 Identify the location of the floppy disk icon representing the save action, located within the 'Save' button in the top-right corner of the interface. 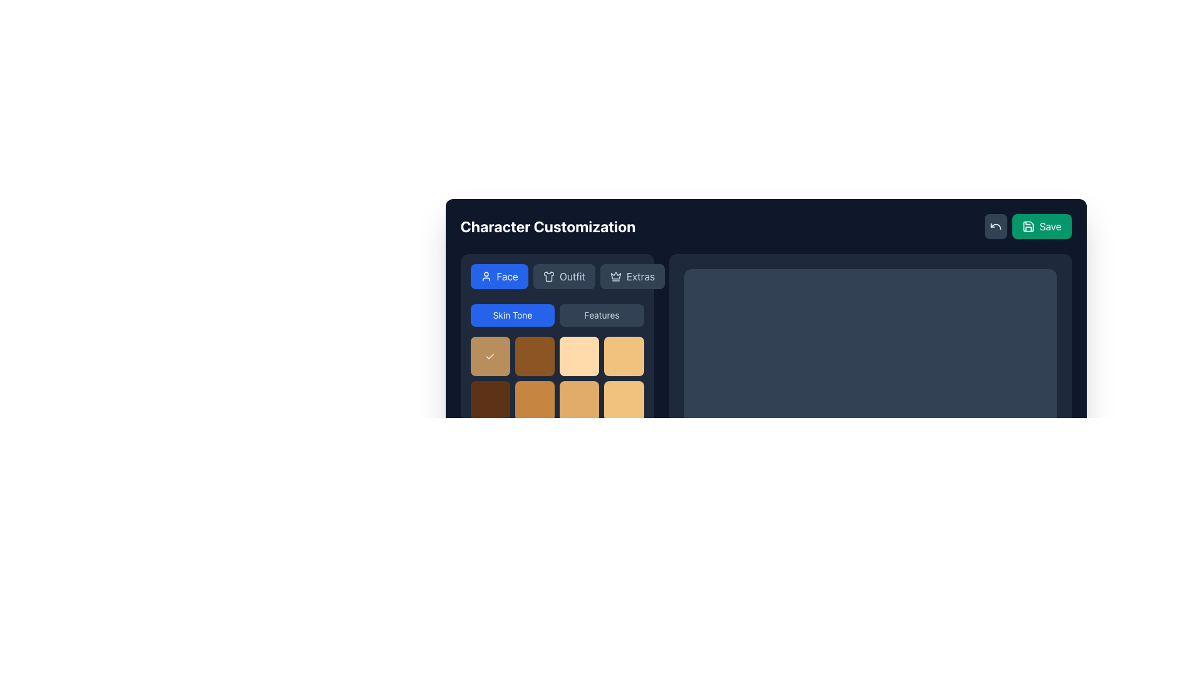
(1028, 227).